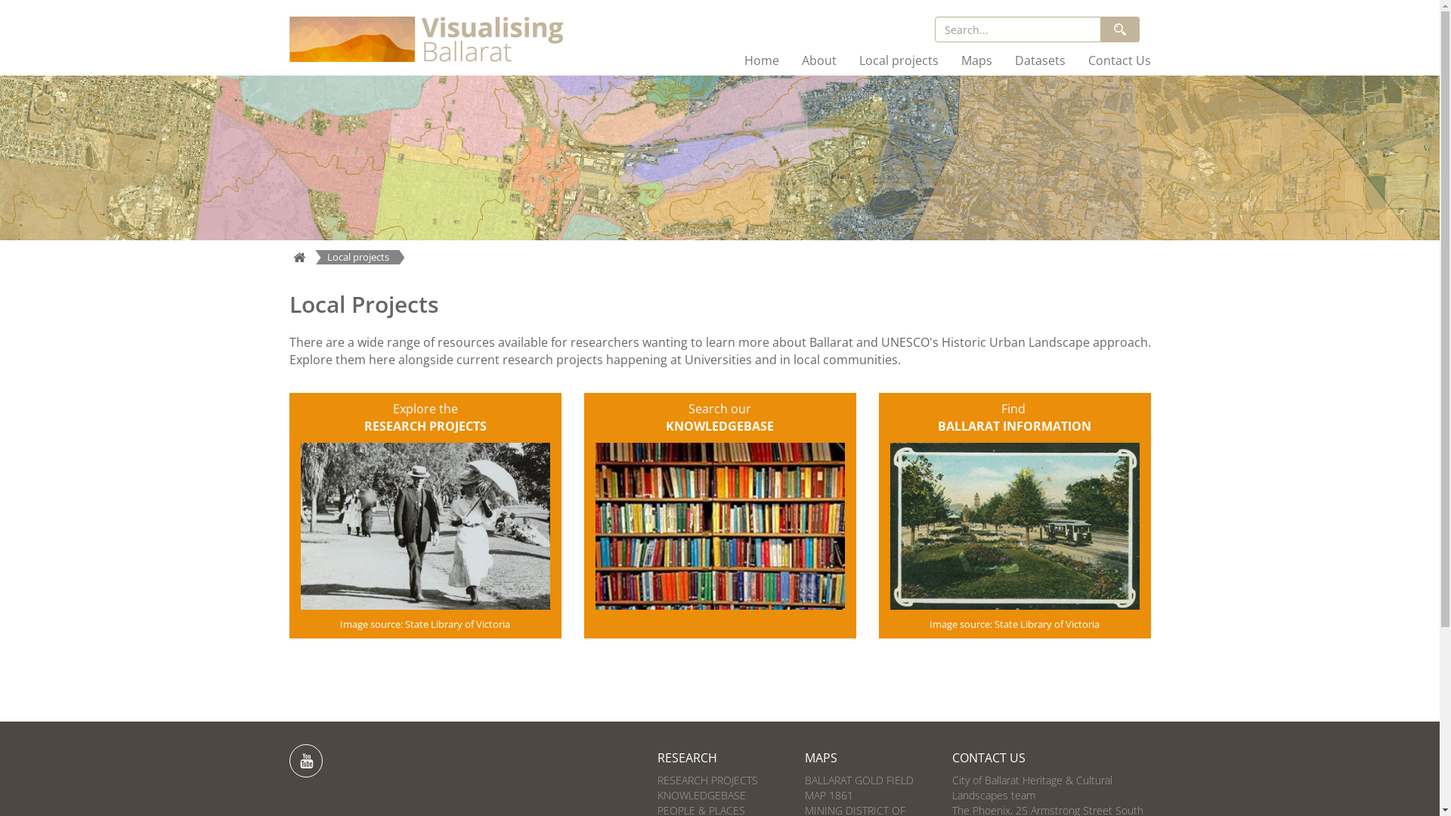 The width and height of the screenshot is (1451, 816). Describe the element at coordinates (1118, 60) in the screenshot. I see `'Contact Us'` at that location.